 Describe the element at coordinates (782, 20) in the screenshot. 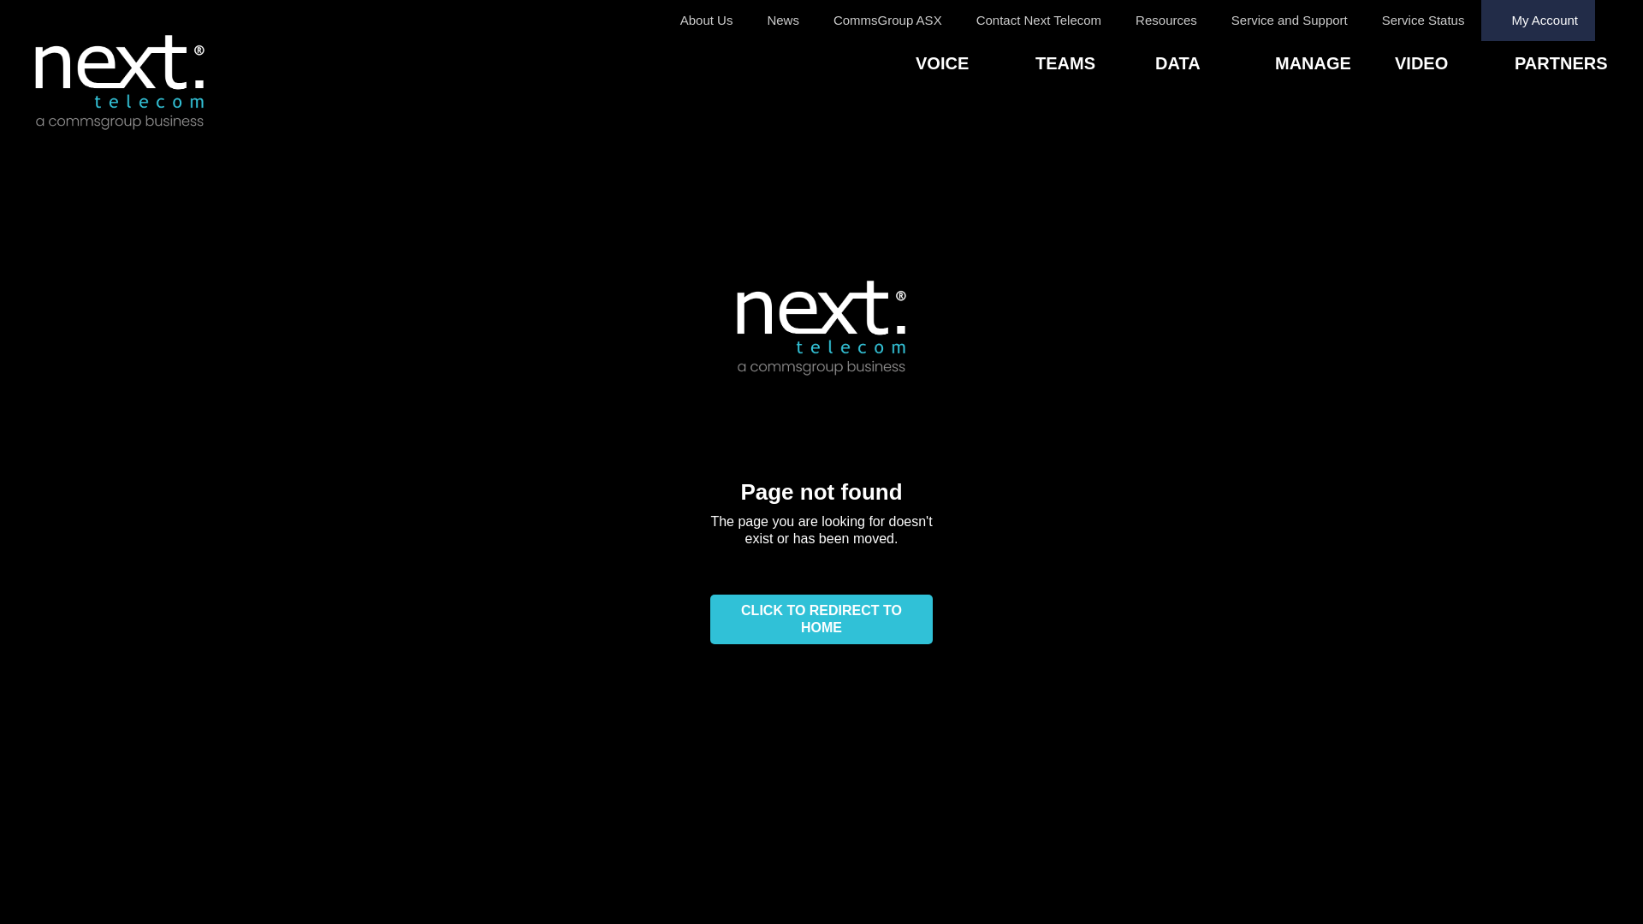

I see `'News'` at that location.